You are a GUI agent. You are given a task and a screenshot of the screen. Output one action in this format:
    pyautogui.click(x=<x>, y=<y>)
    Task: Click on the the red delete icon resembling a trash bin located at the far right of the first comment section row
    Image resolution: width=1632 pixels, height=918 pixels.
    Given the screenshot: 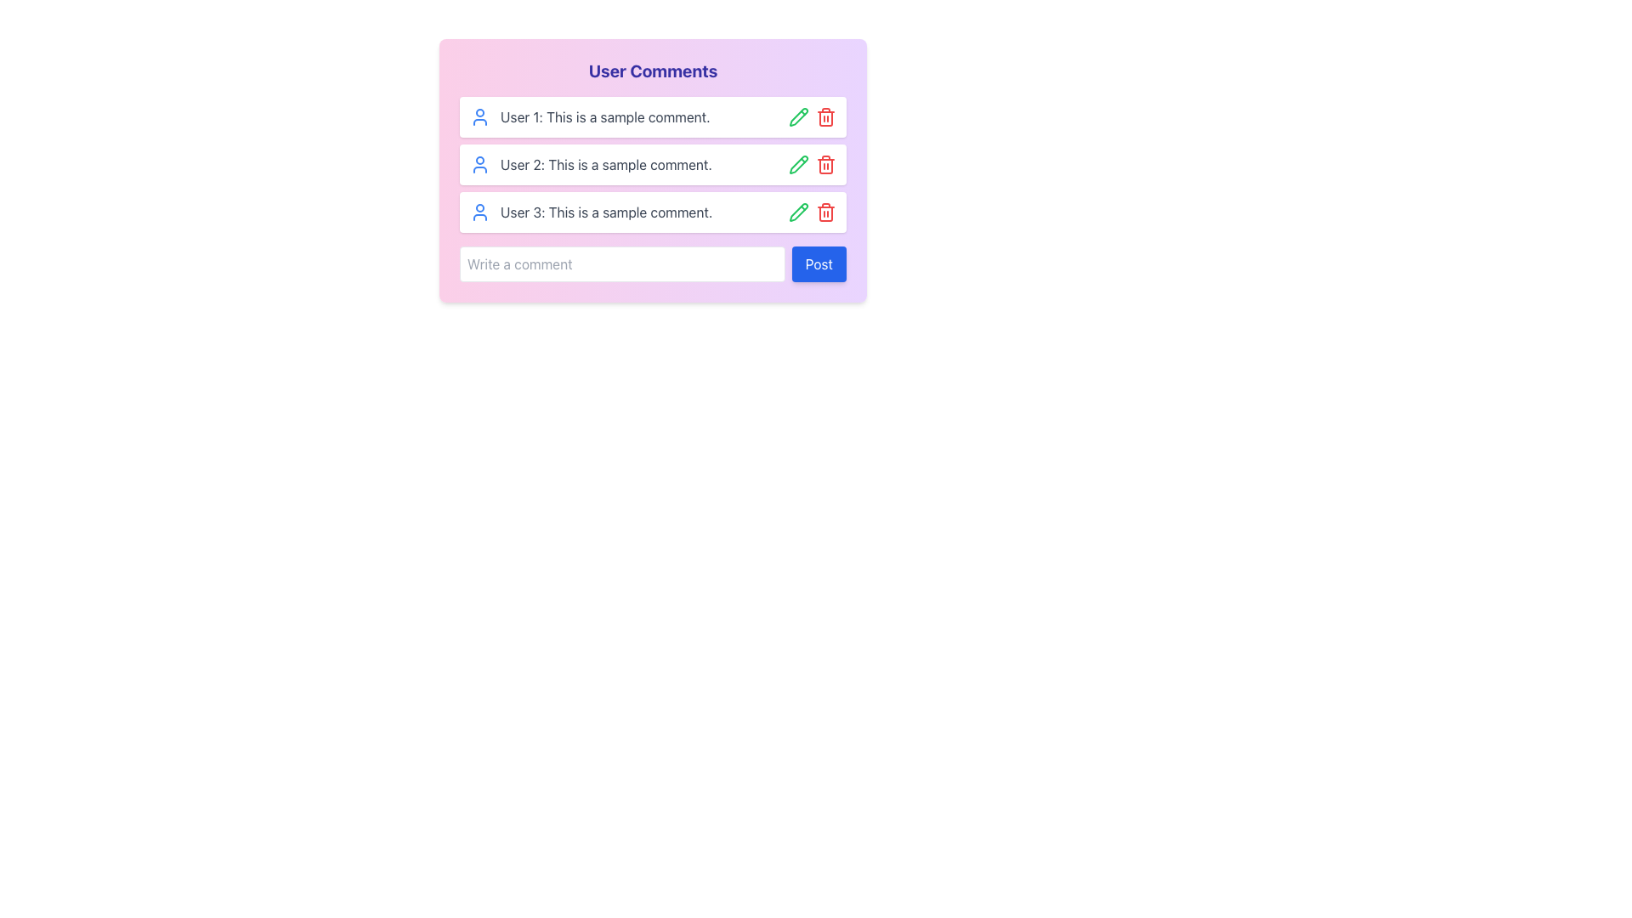 What is the action you would take?
    pyautogui.click(x=825, y=116)
    